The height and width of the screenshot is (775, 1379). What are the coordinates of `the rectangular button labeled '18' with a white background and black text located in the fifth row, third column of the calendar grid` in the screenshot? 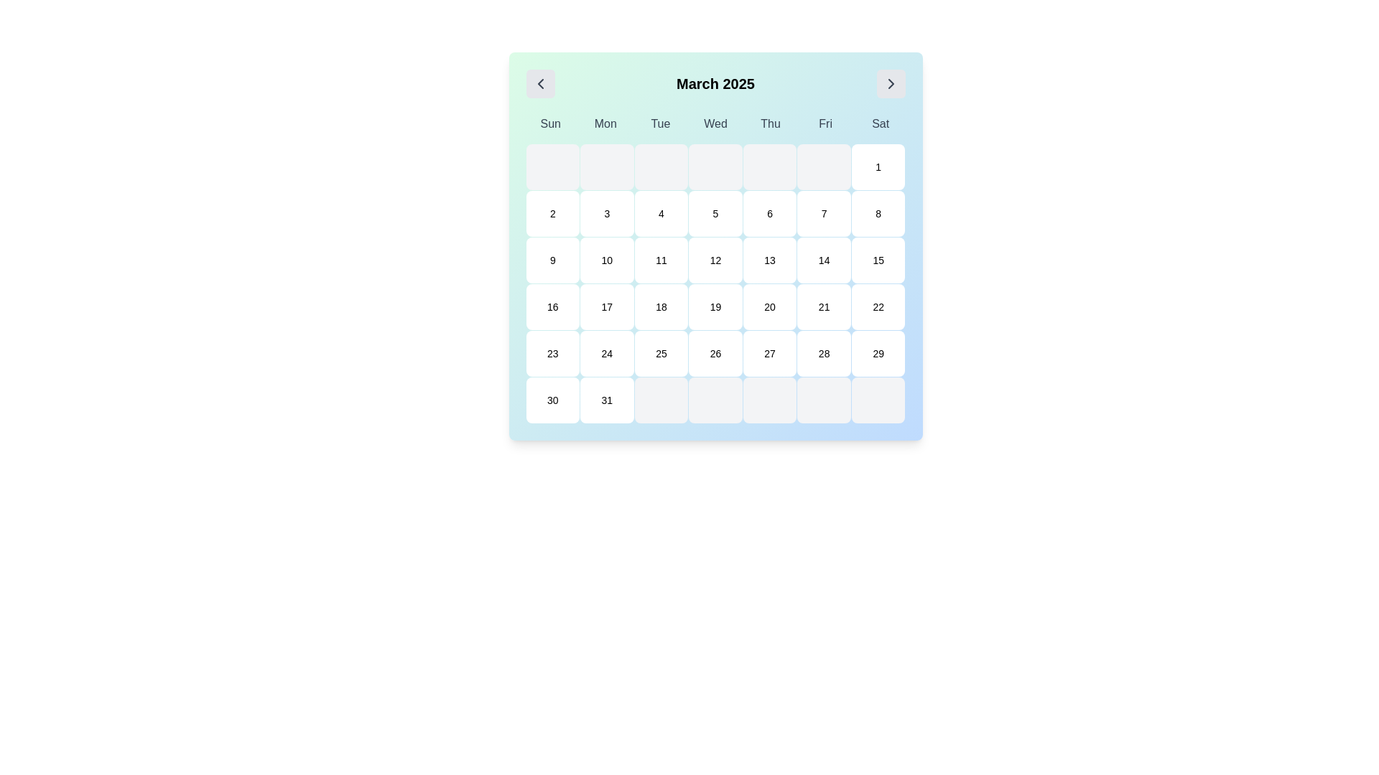 It's located at (660, 306).